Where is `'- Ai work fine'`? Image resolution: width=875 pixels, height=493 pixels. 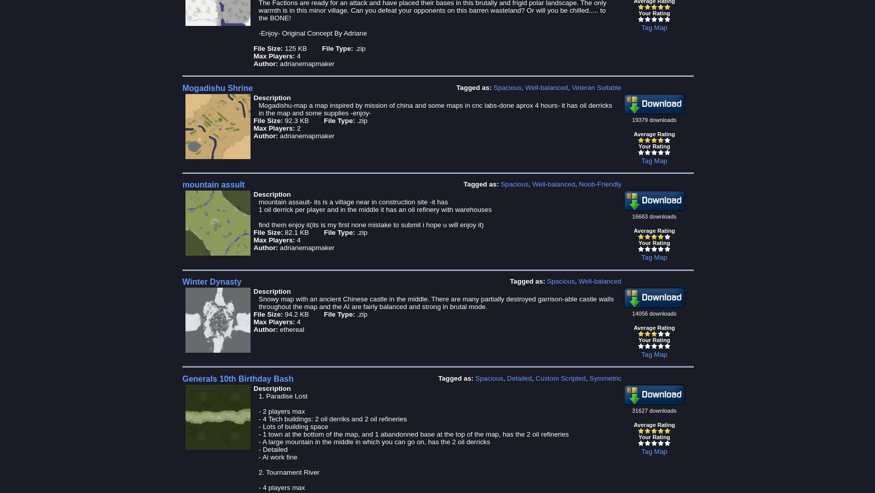
'- Ai work fine' is located at coordinates (278, 456).